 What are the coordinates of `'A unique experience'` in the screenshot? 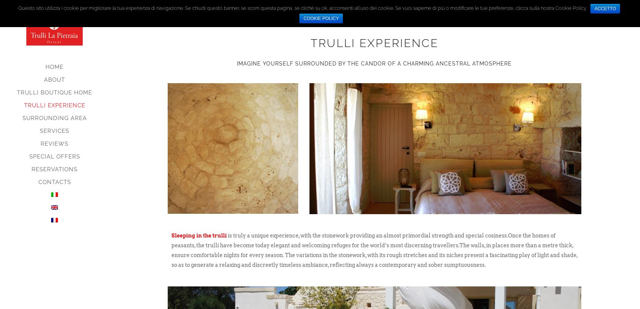 It's located at (373, 20).